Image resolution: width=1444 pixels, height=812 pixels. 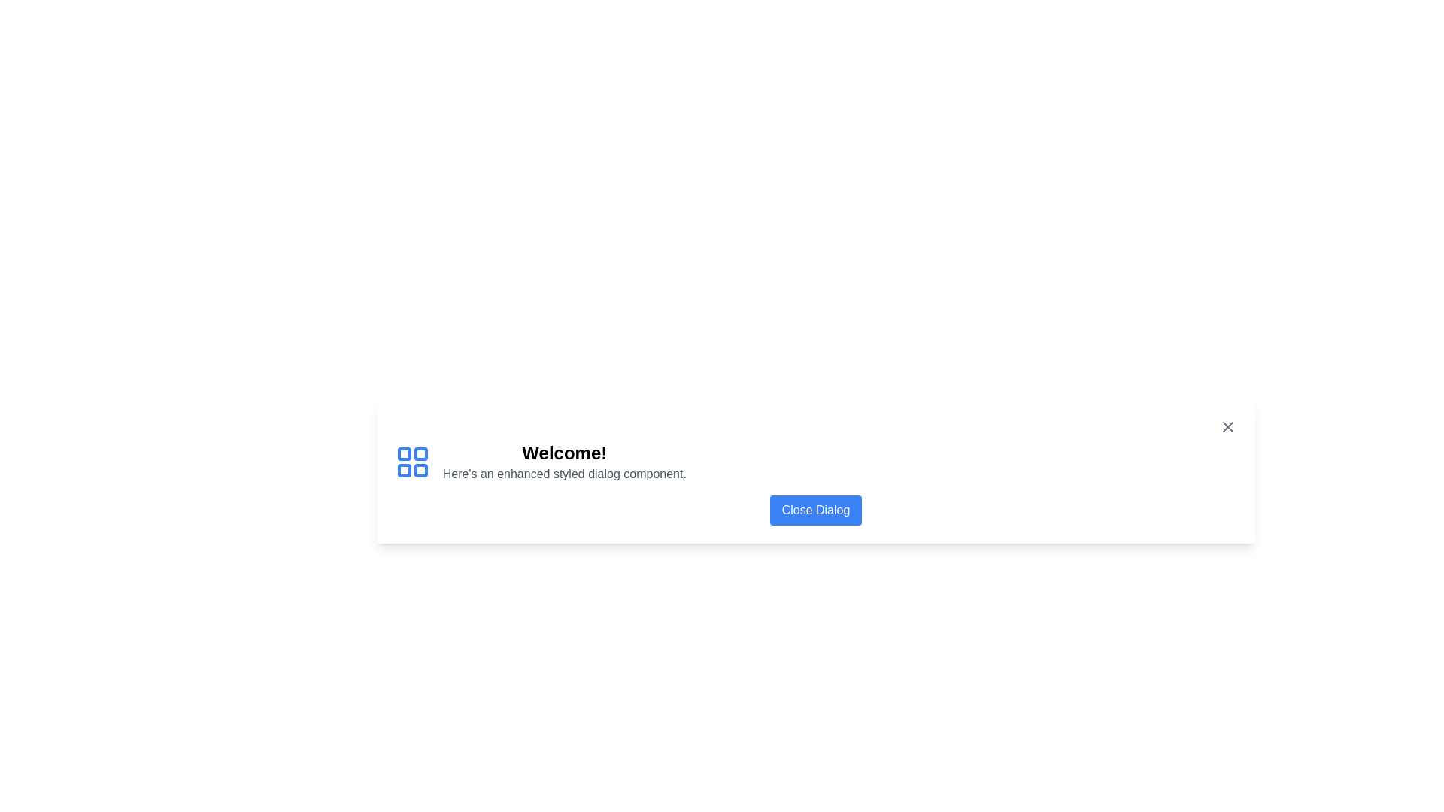 I want to click on the small gray 'X' button located at the top-right corner of the dialog box, so click(x=1228, y=426).